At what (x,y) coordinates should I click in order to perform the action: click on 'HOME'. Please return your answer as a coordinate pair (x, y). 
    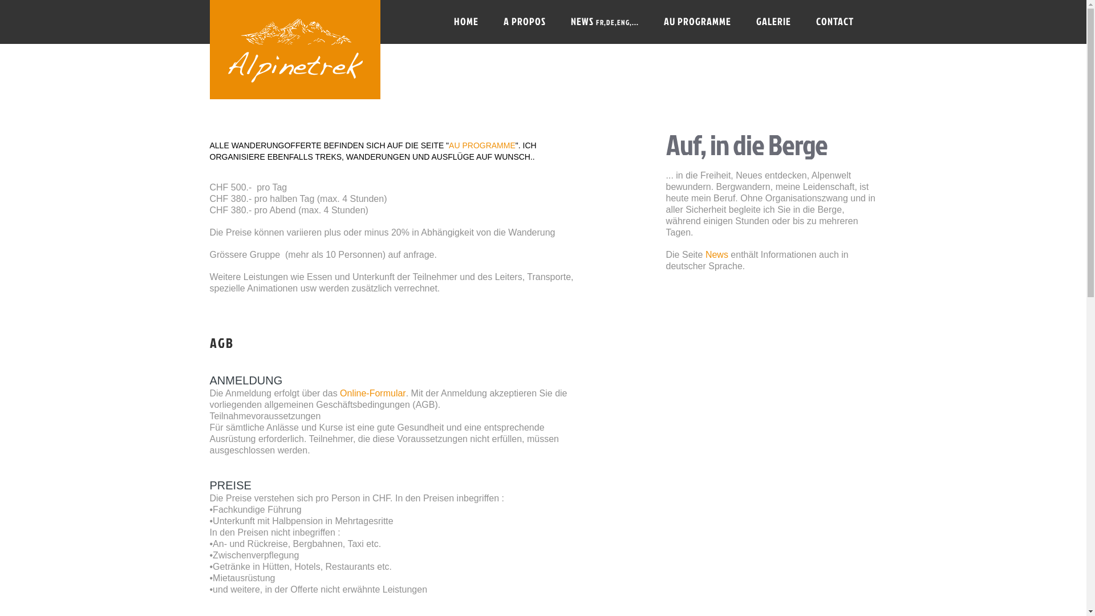
    Looking at the image, I should click on (466, 22).